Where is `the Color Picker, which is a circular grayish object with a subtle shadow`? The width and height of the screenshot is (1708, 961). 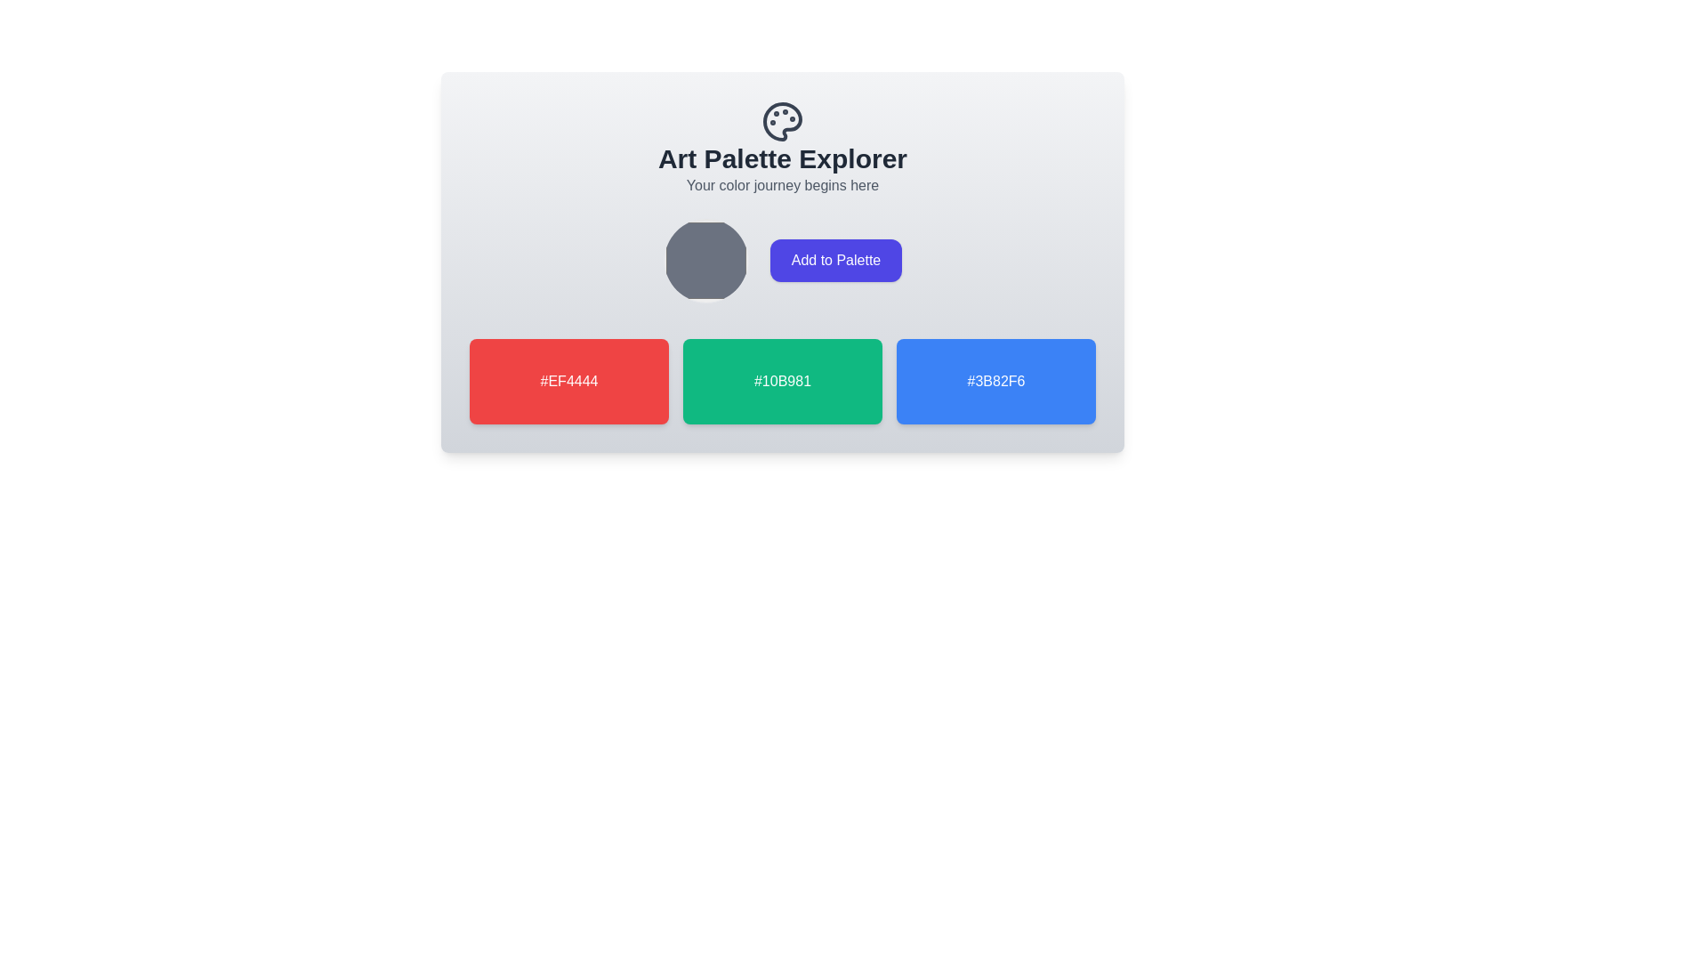
the Color Picker, which is a circular grayish object with a subtle shadow is located at coordinates (705, 261).